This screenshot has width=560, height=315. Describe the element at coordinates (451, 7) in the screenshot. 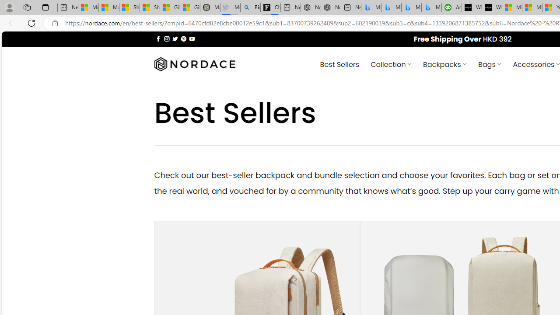

I see `'Accounting Software for Accountants, CPAs and Bookkeepers'` at that location.